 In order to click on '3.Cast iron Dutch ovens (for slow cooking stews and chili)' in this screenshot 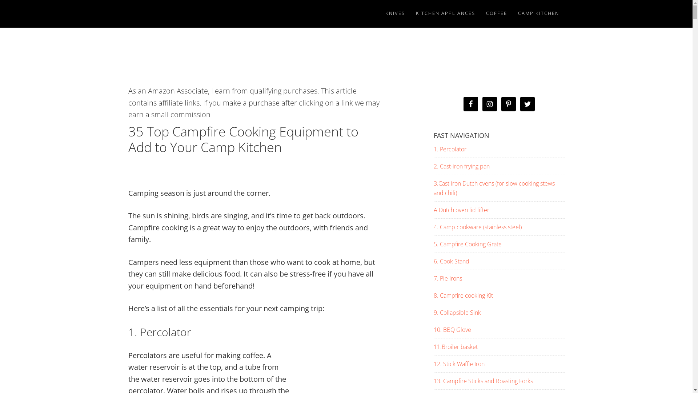, I will do `click(494, 187)`.